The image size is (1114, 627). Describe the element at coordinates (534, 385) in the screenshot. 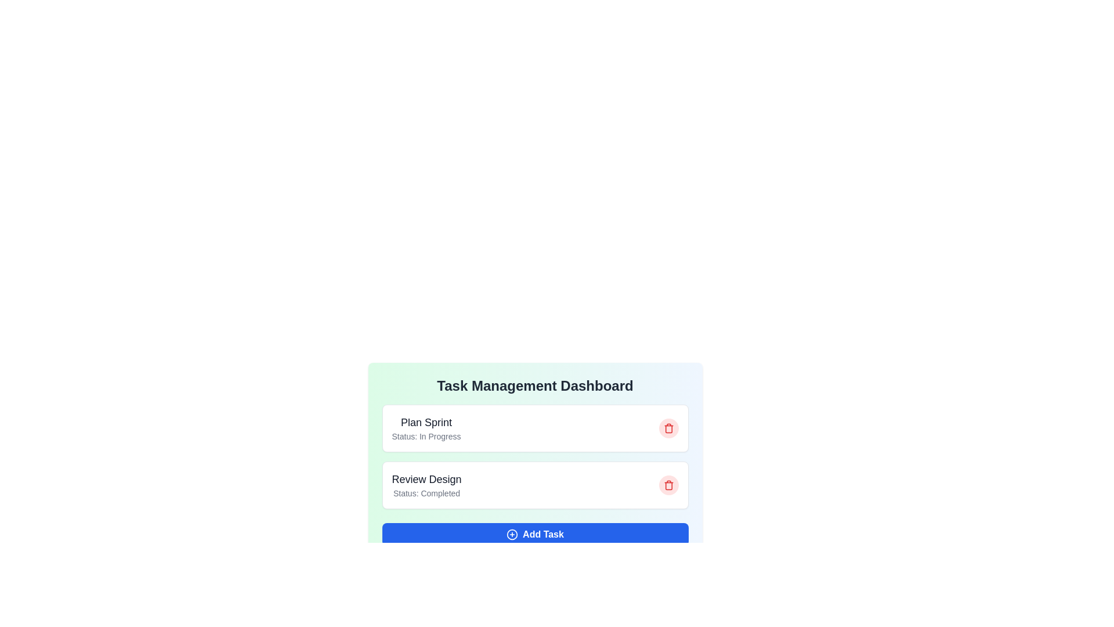

I see `the title text 'Task Management Dashboard'` at that location.